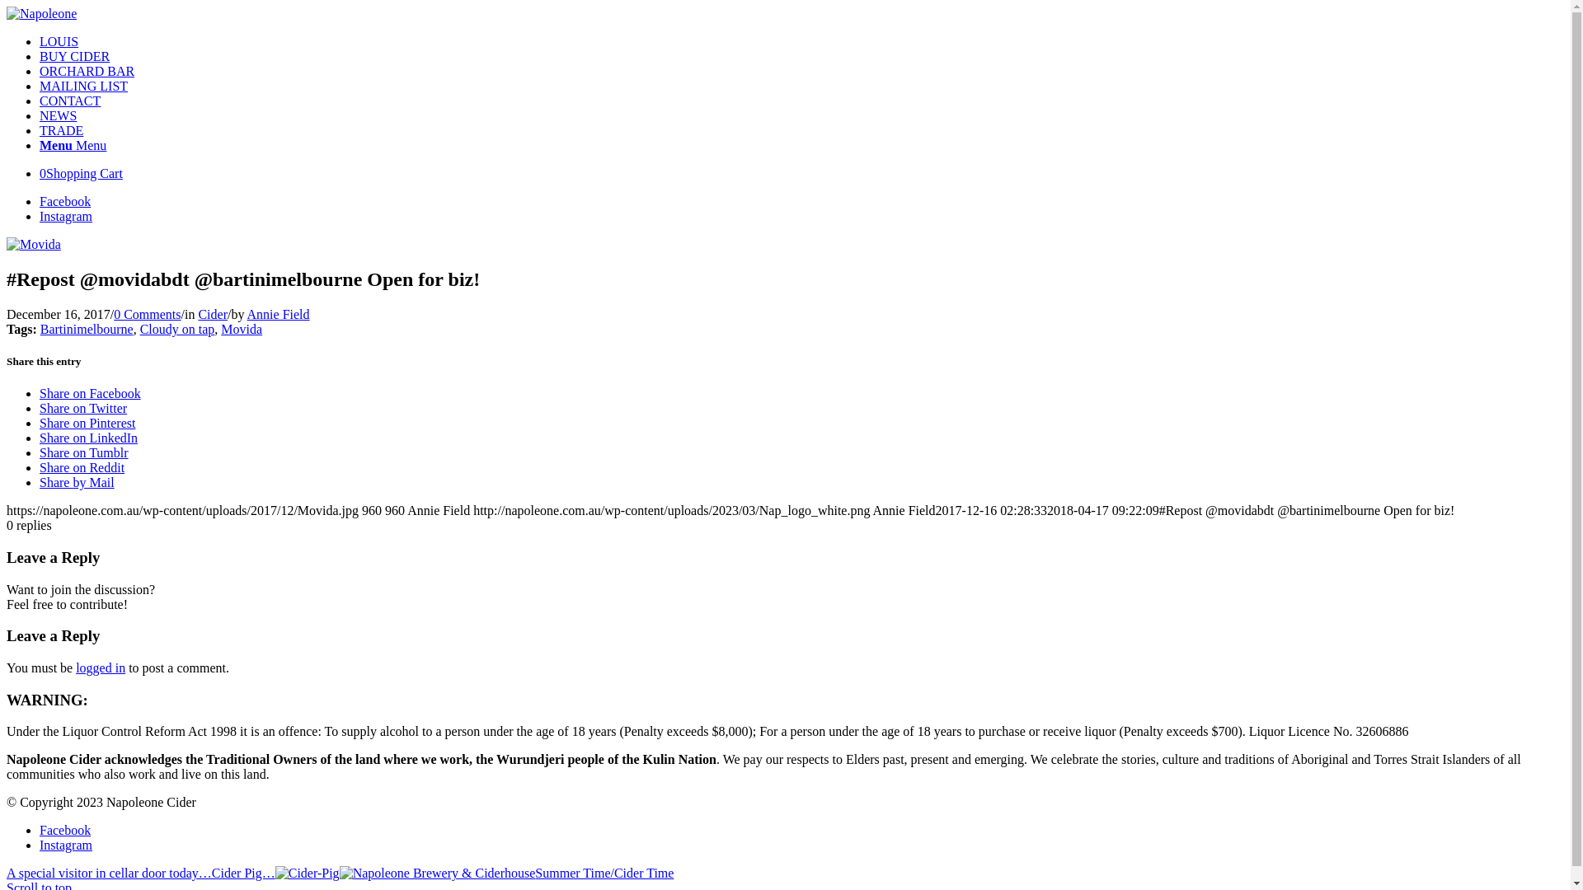 The height and width of the screenshot is (890, 1583). What do you see at coordinates (86, 329) in the screenshot?
I see `'Bartinimelbourne'` at bounding box center [86, 329].